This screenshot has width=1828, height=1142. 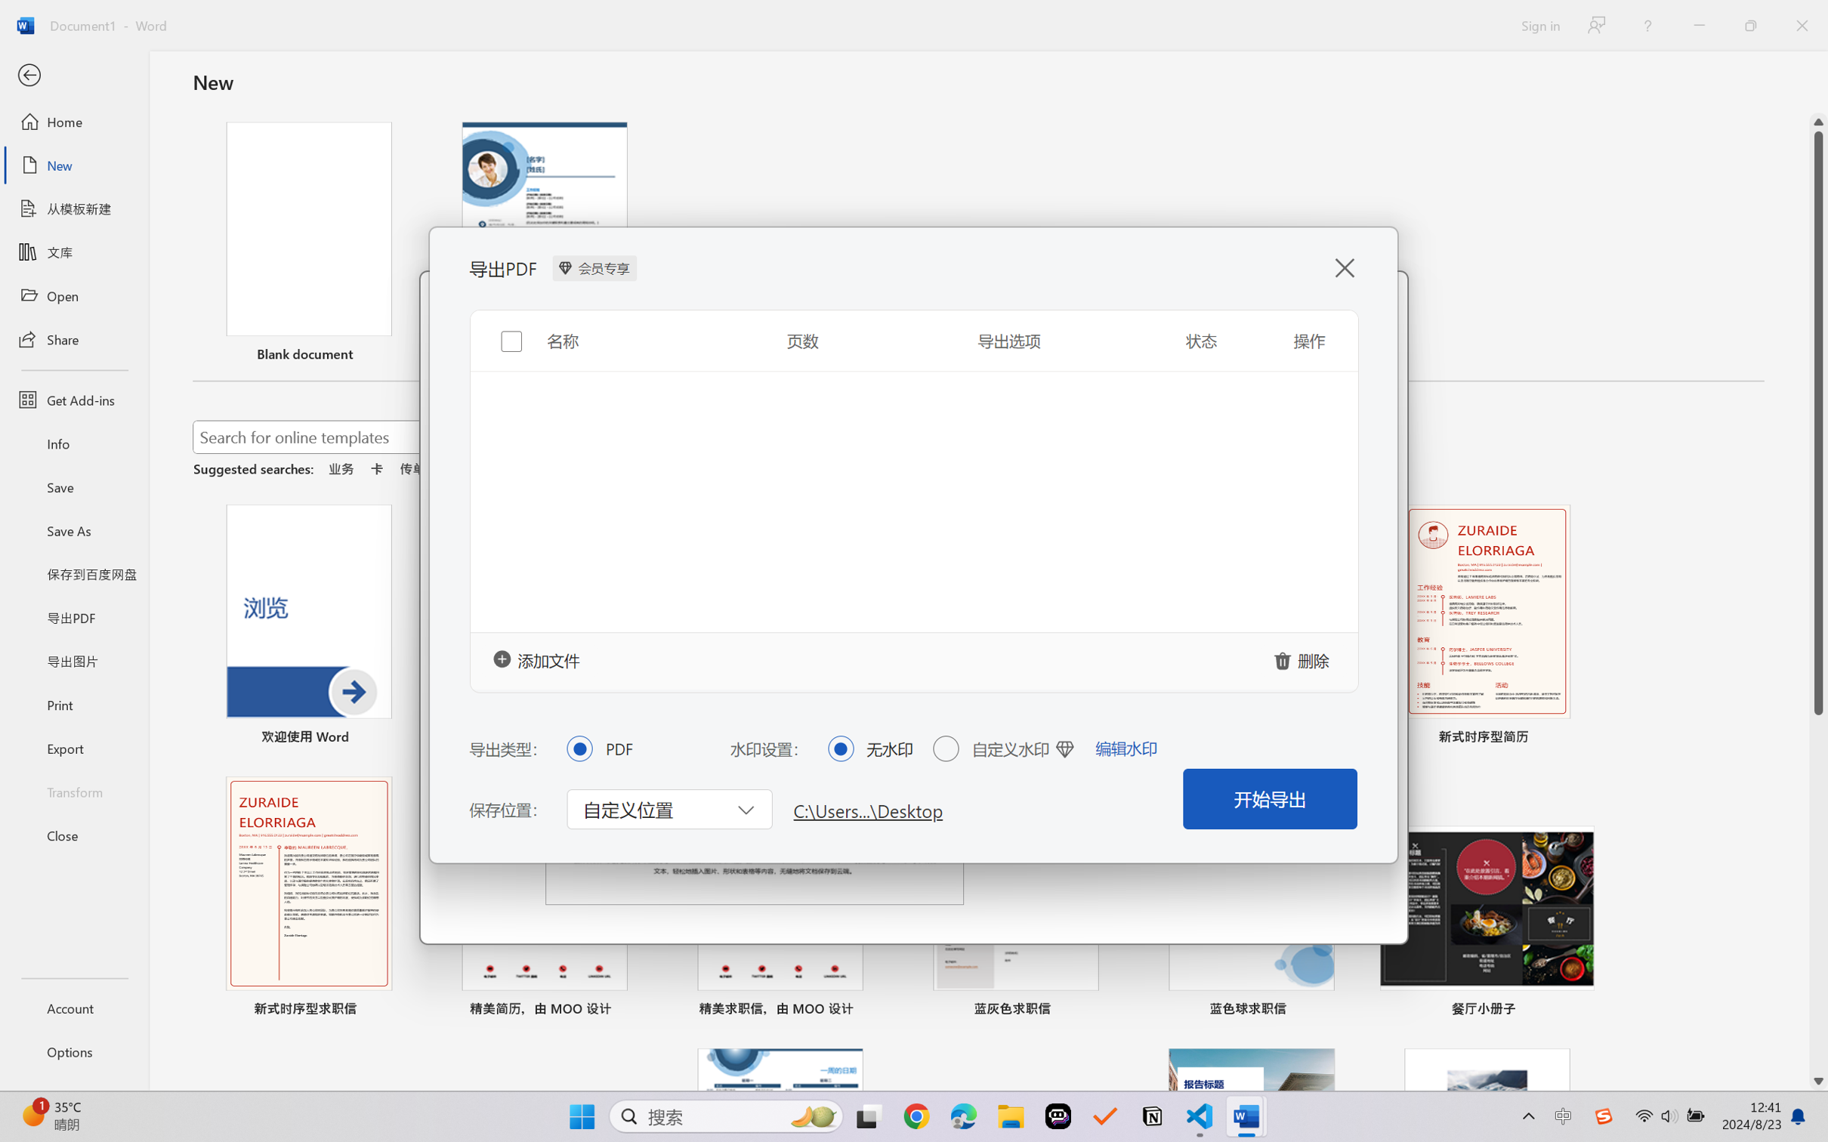 What do you see at coordinates (868, 810) in the screenshot?
I see `'C:\Users...\Desktop'` at bounding box center [868, 810].